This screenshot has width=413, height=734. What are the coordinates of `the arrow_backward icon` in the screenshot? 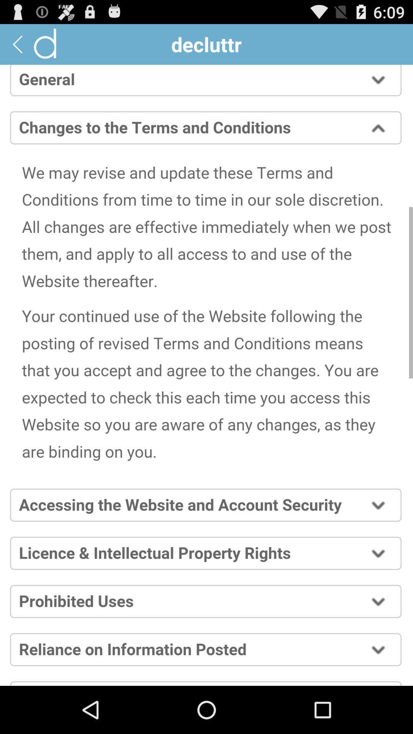 It's located at (17, 47).